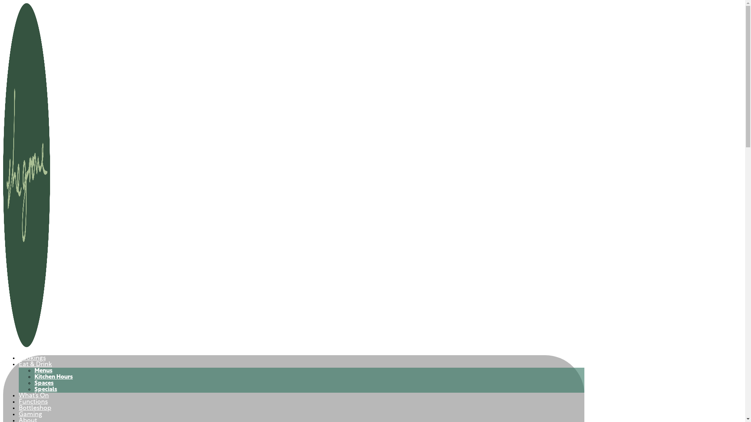  What do you see at coordinates (34, 370) in the screenshot?
I see `'Menus'` at bounding box center [34, 370].